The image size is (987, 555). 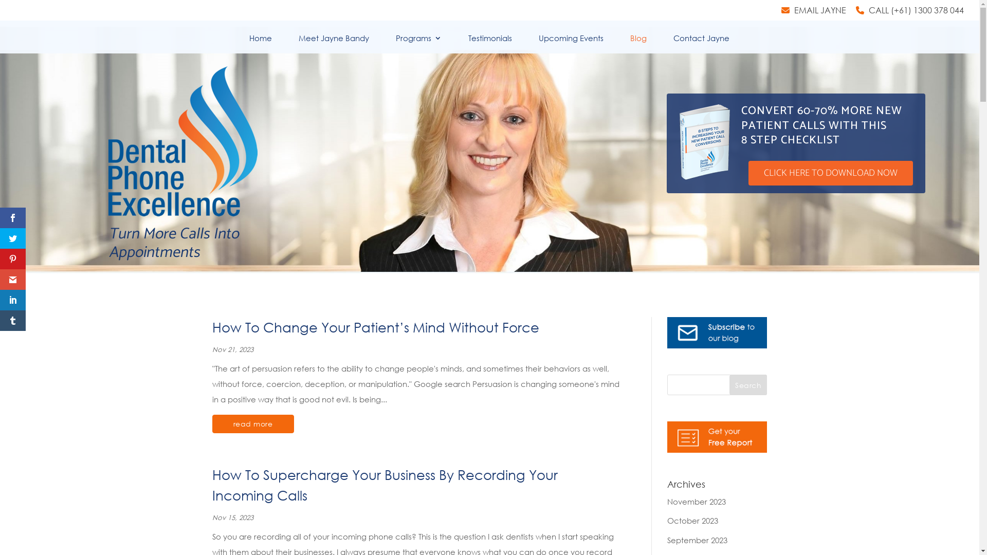 What do you see at coordinates (298, 43) in the screenshot?
I see `'Meet Jayne Bandy'` at bounding box center [298, 43].